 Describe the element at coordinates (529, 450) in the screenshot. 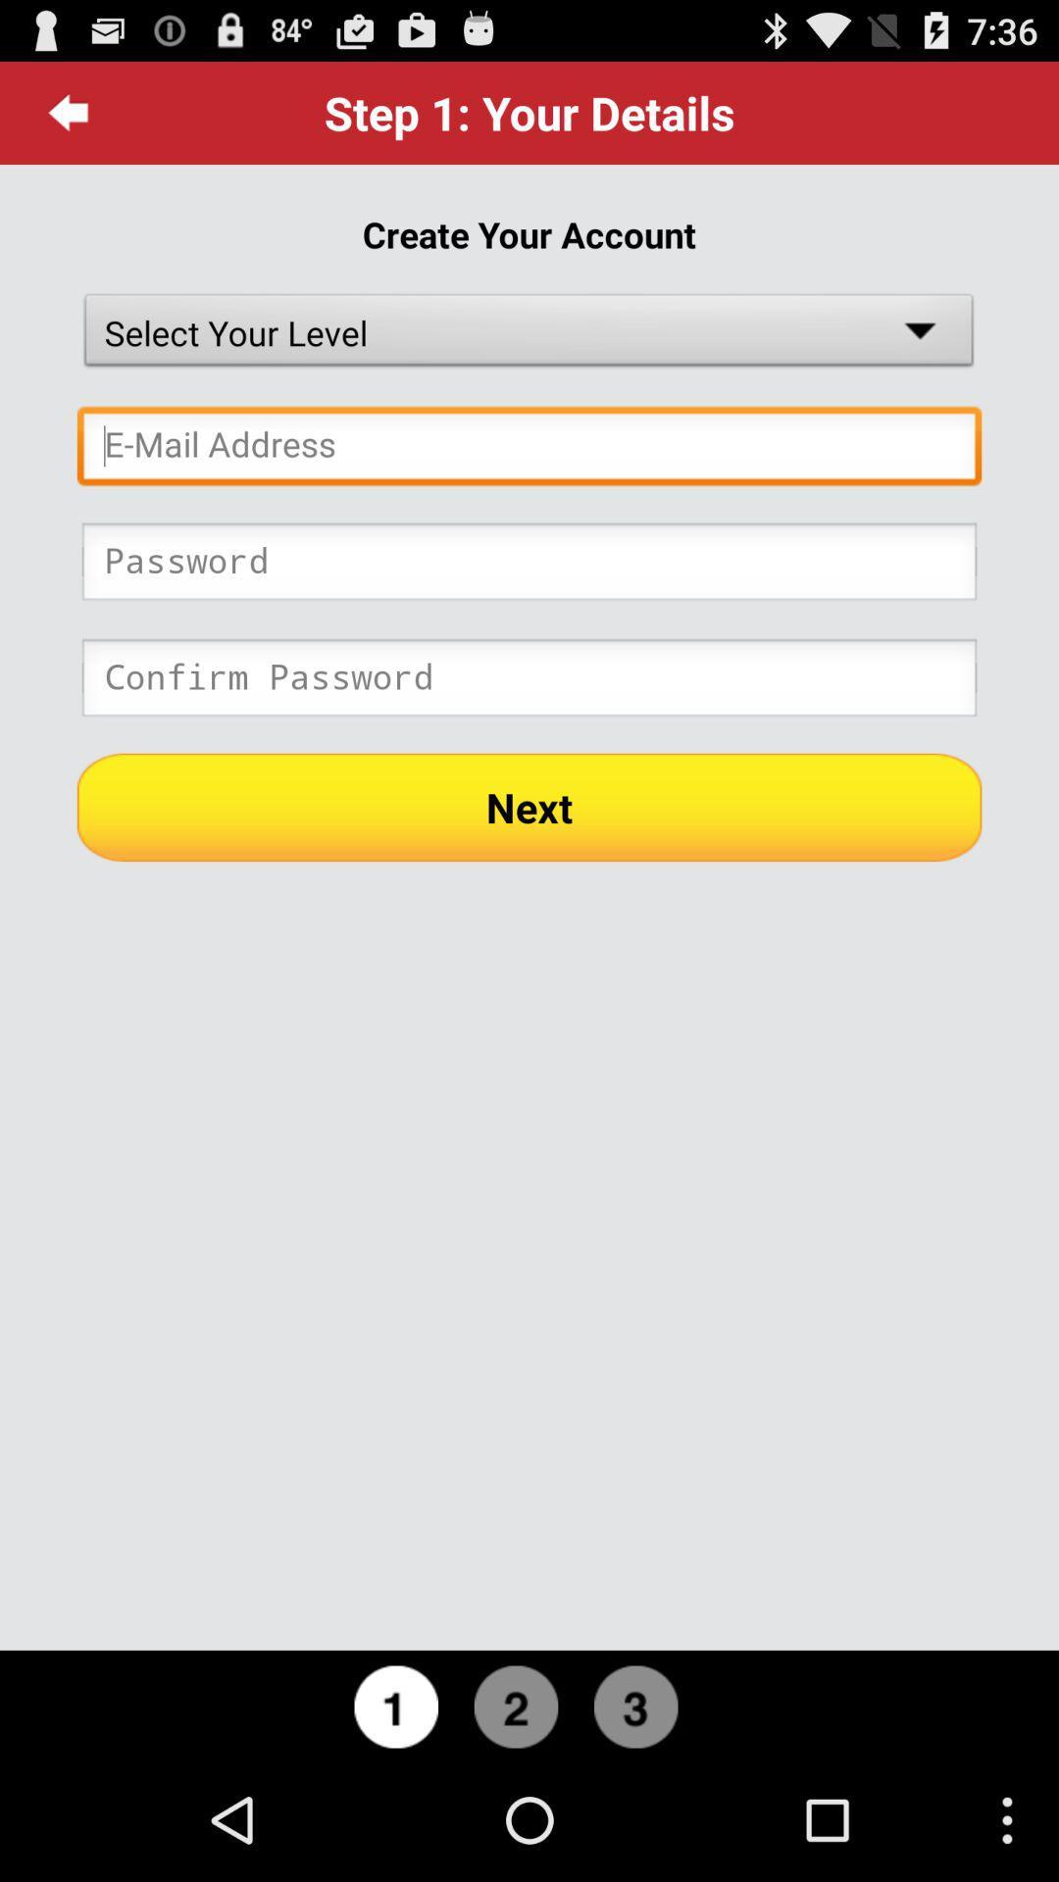

I see `the icon below select your level icon` at that location.